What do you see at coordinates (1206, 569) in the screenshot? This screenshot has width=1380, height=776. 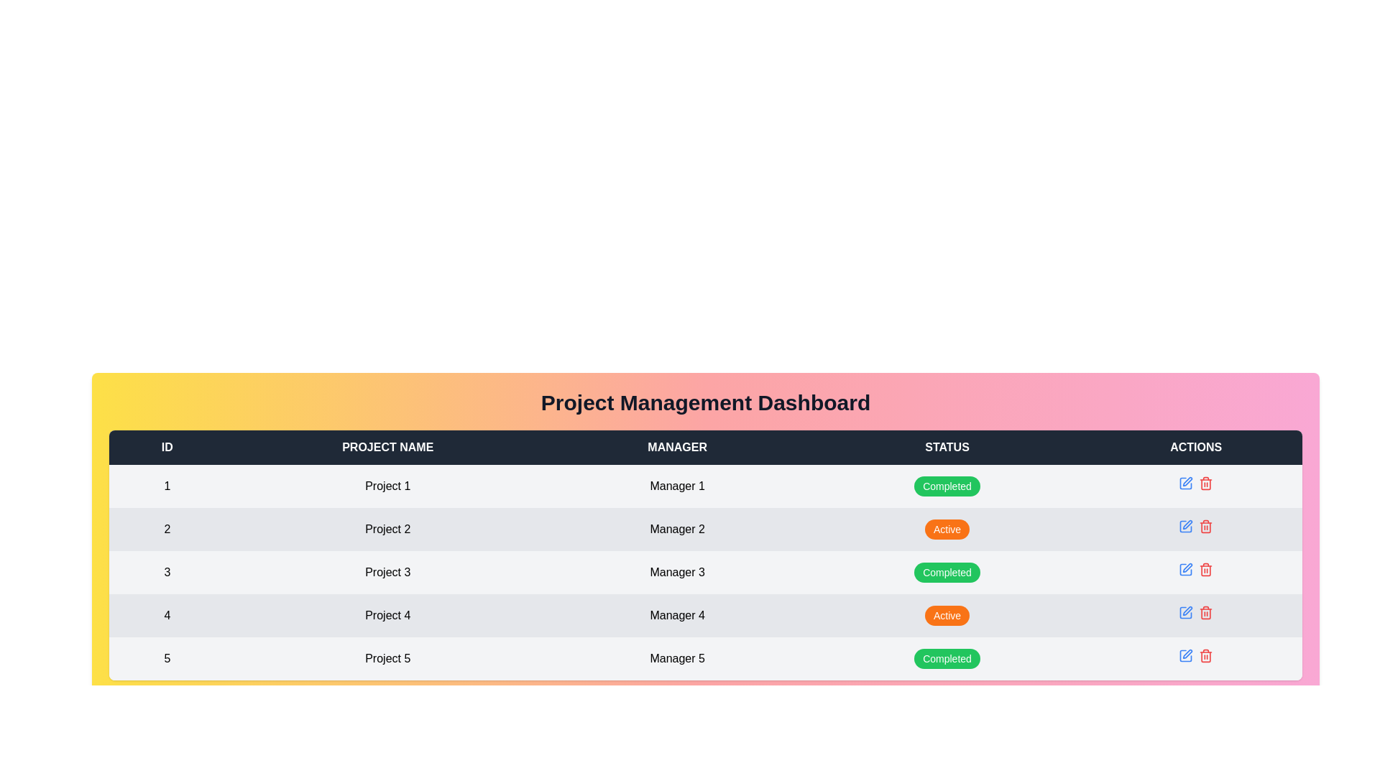 I see `the delete icon button located in the 'Actions' column of the third row of the project table for accessibility purposes` at bounding box center [1206, 569].